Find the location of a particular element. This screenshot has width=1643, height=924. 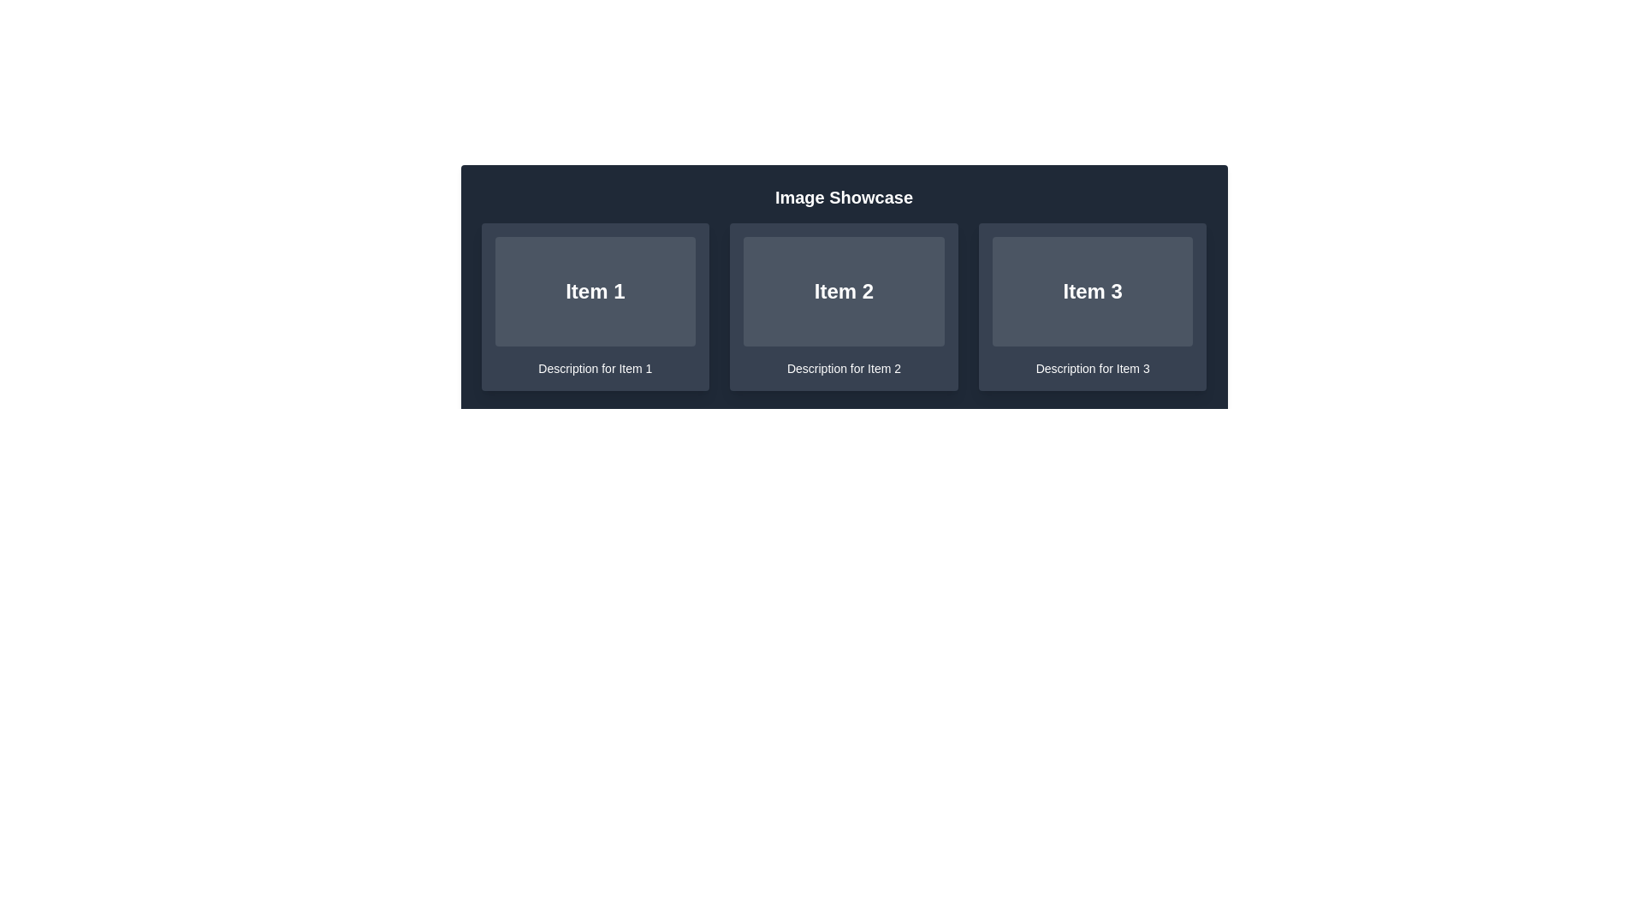

the second item in a horizontal grid of three items, which serves as a visual and textual representation of an item indicating its title and a brief description is located at coordinates (844, 305).